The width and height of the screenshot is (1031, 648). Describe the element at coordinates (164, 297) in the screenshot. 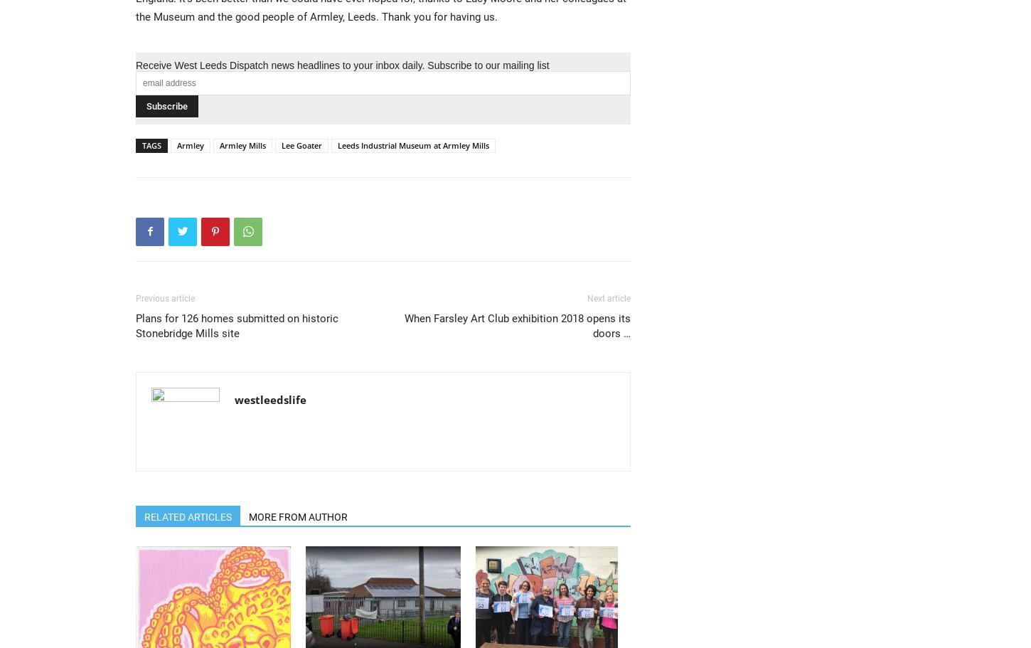

I see `'Previous article'` at that location.